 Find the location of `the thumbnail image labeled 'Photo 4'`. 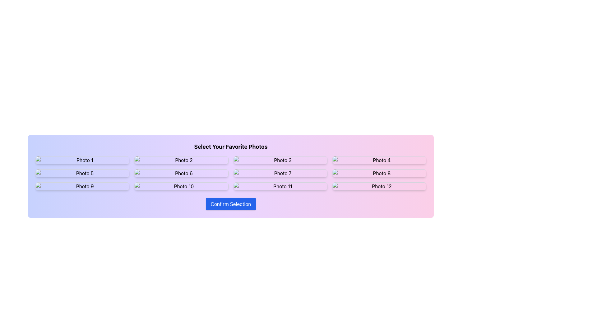

the thumbnail image labeled 'Photo 4' is located at coordinates (379, 160).